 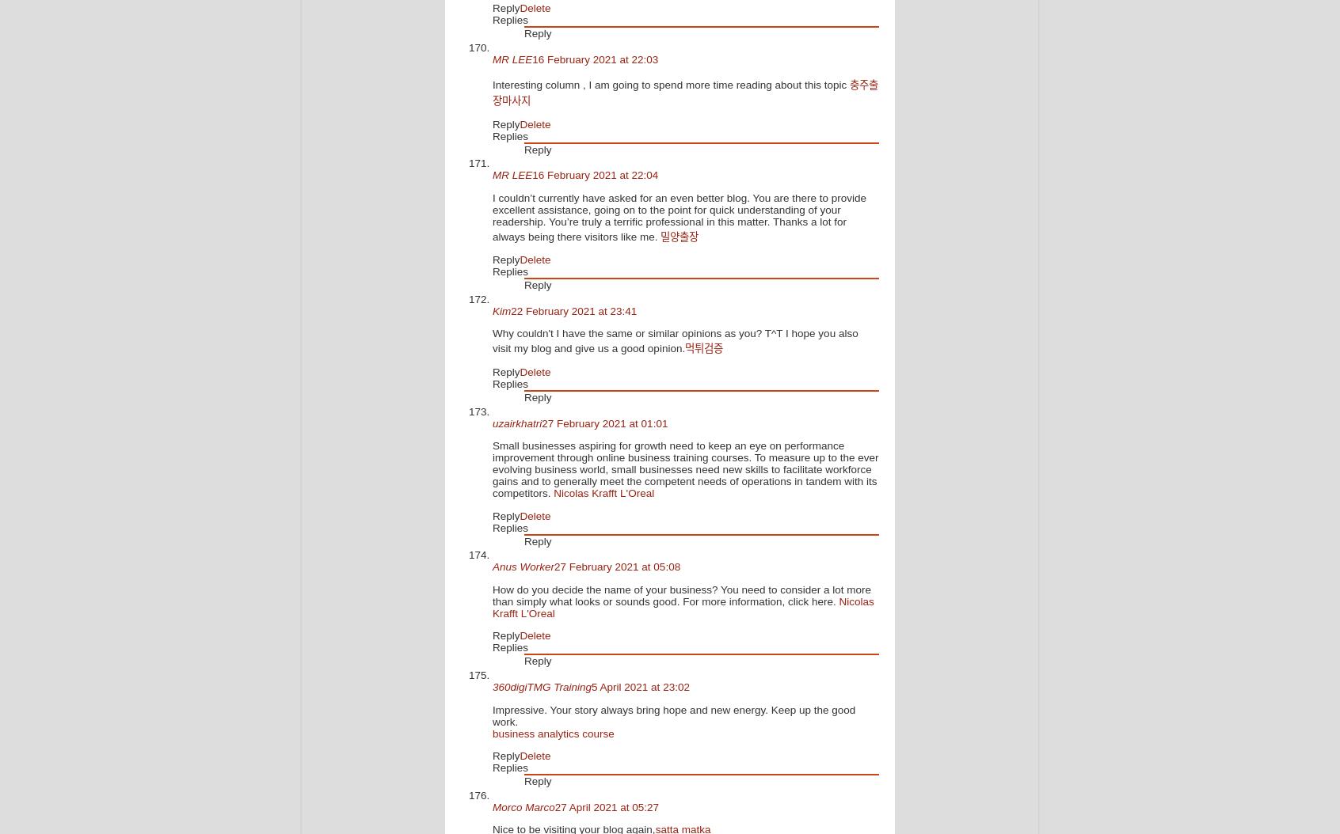 What do you see at coordinates (523, 566) in the screenshot?
I see `'Anus Worker'` at bounding box center [523, 566].